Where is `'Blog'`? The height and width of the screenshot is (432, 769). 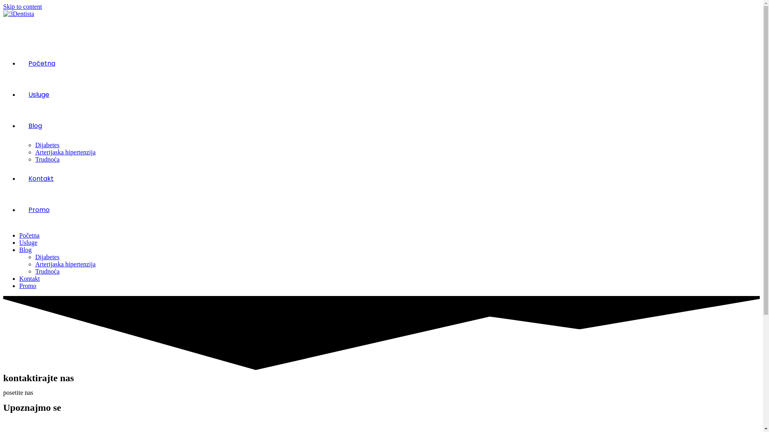
'Blog' is located at coordinates (19, 249).